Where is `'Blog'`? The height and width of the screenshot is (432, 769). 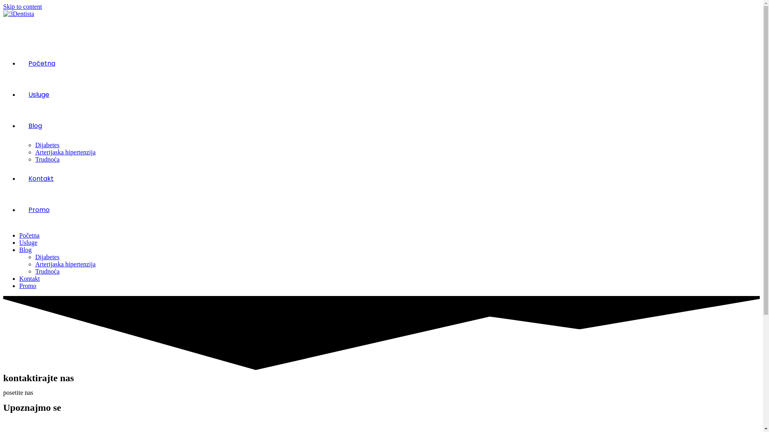
'Blog' is located at coordinates (19, 249).